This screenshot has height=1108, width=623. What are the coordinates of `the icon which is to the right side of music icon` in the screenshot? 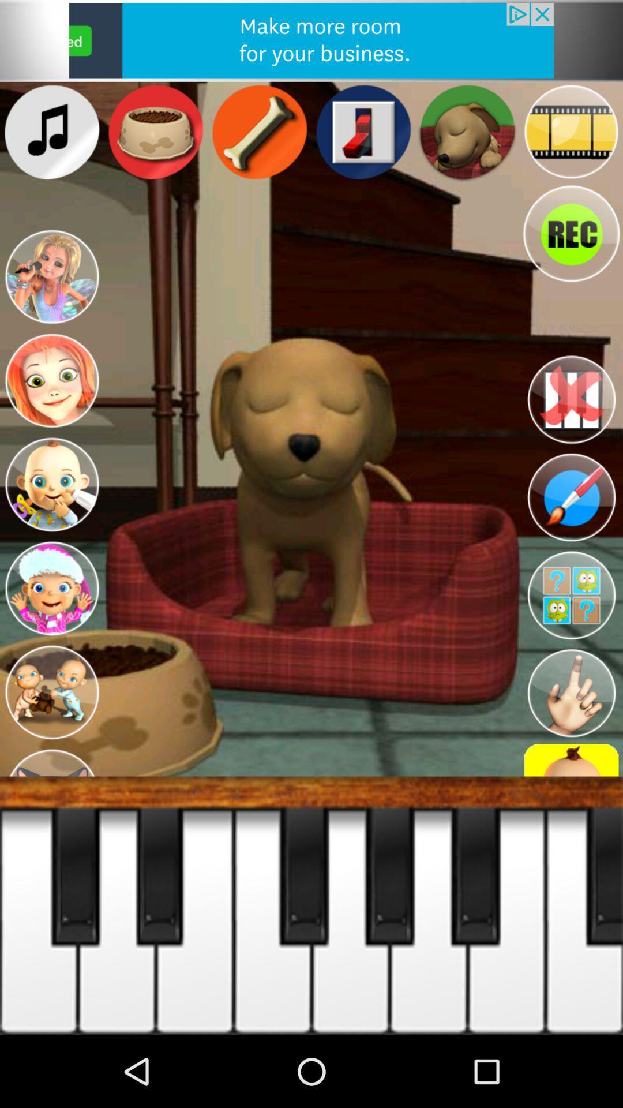 It's located at (156, 132).